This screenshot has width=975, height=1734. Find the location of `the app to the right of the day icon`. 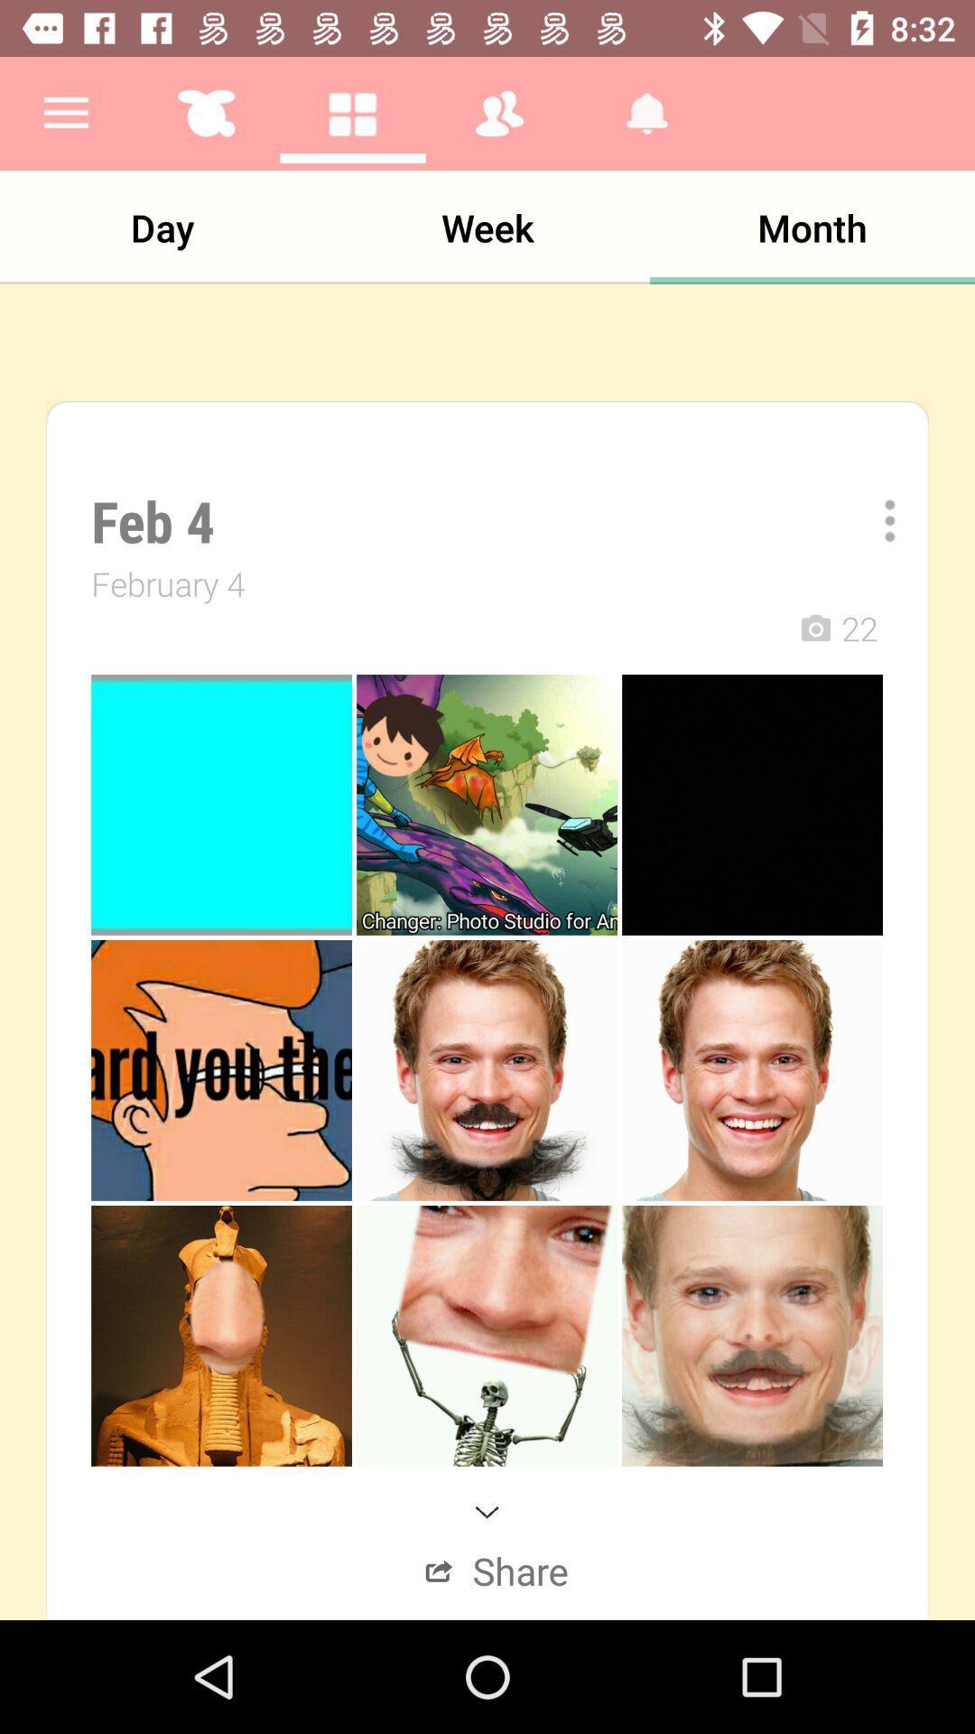

the app to the right of the day icon is located at coordinates (487, 227).